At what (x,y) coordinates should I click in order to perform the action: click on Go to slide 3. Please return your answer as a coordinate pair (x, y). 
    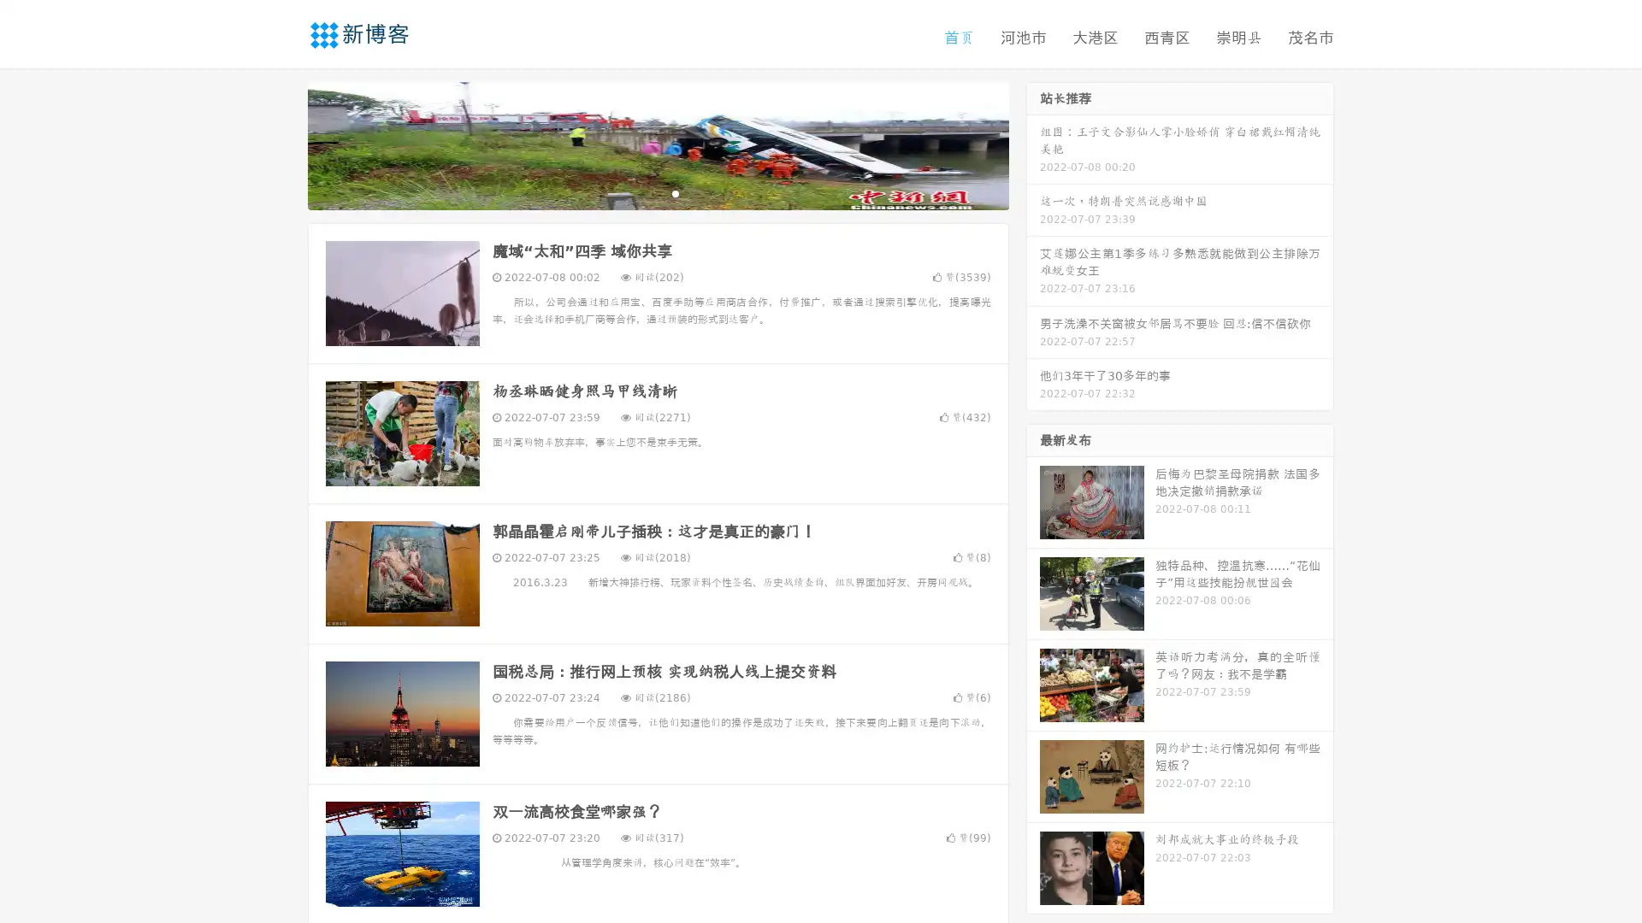
    Looking at the image, I should click on (675, 192).